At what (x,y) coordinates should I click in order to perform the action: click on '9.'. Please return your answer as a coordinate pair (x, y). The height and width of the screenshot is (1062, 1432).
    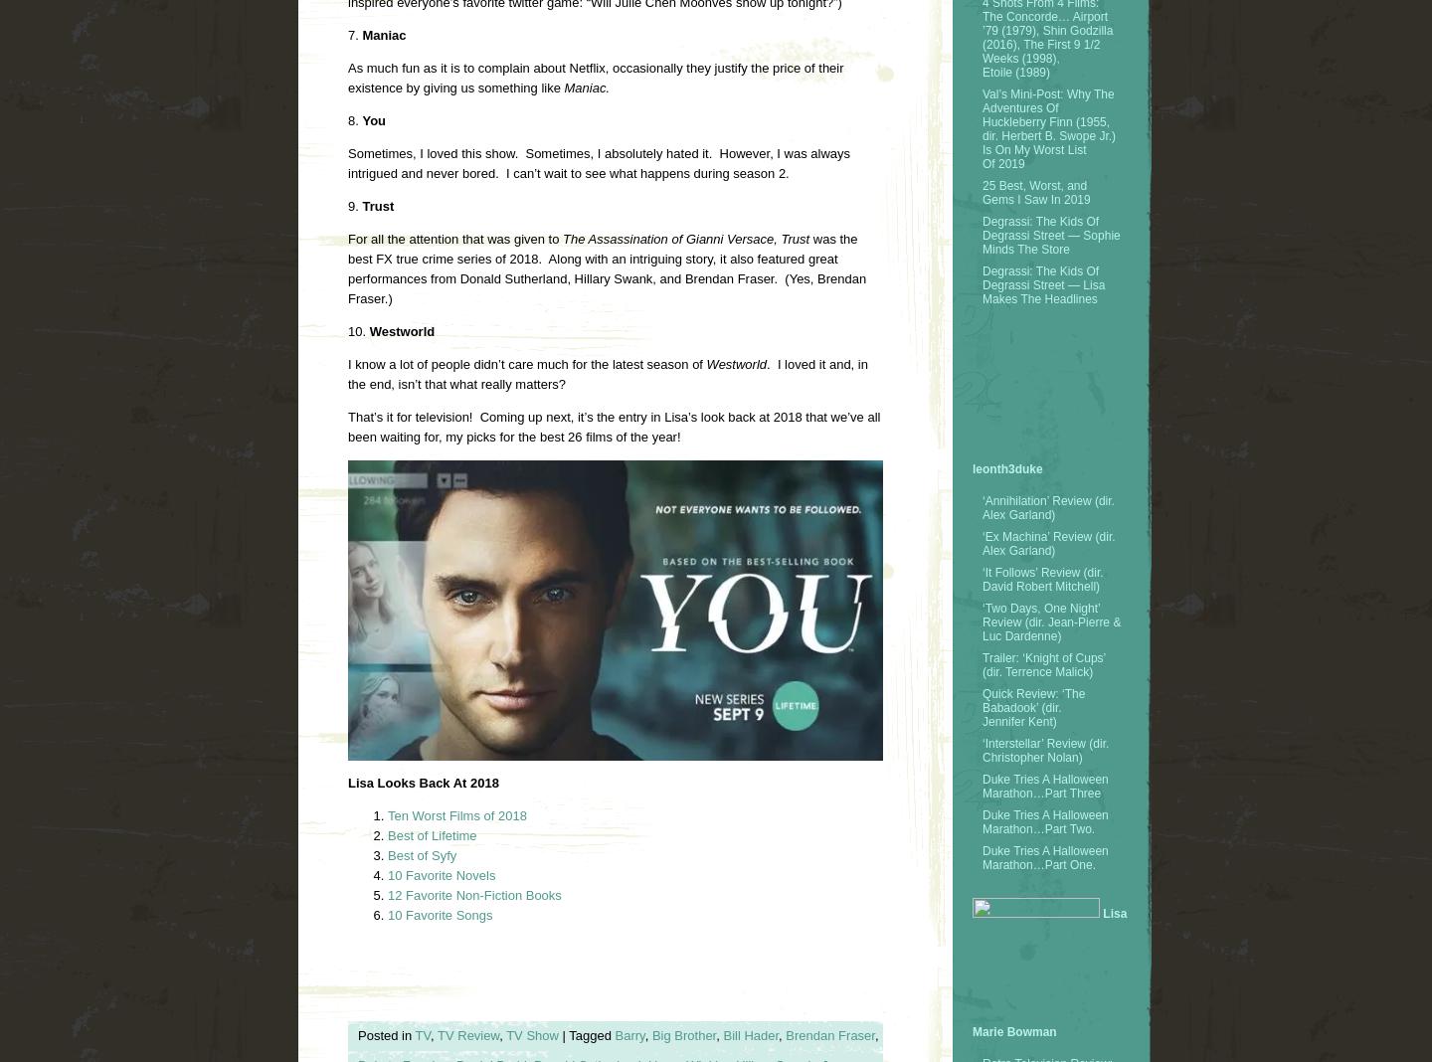
    Looking at the image, I should click on (354, 206).